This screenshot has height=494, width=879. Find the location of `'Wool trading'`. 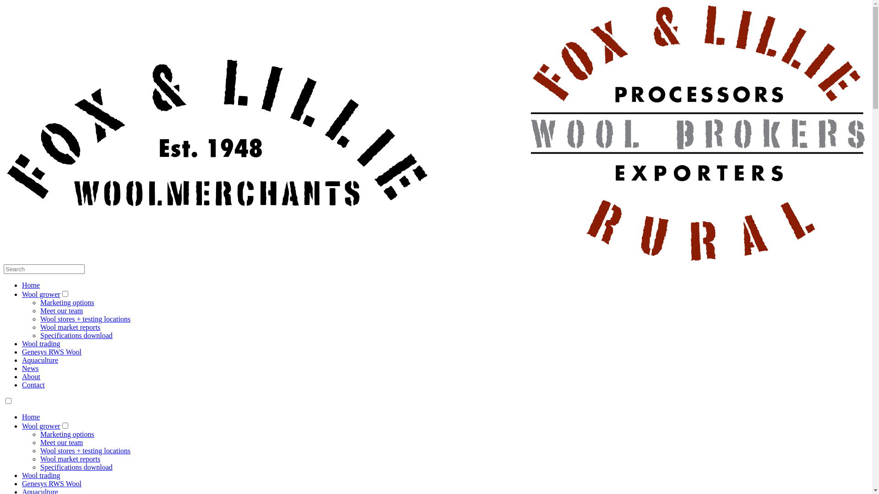

'Wool trading' is located at coordinates (41, 475).